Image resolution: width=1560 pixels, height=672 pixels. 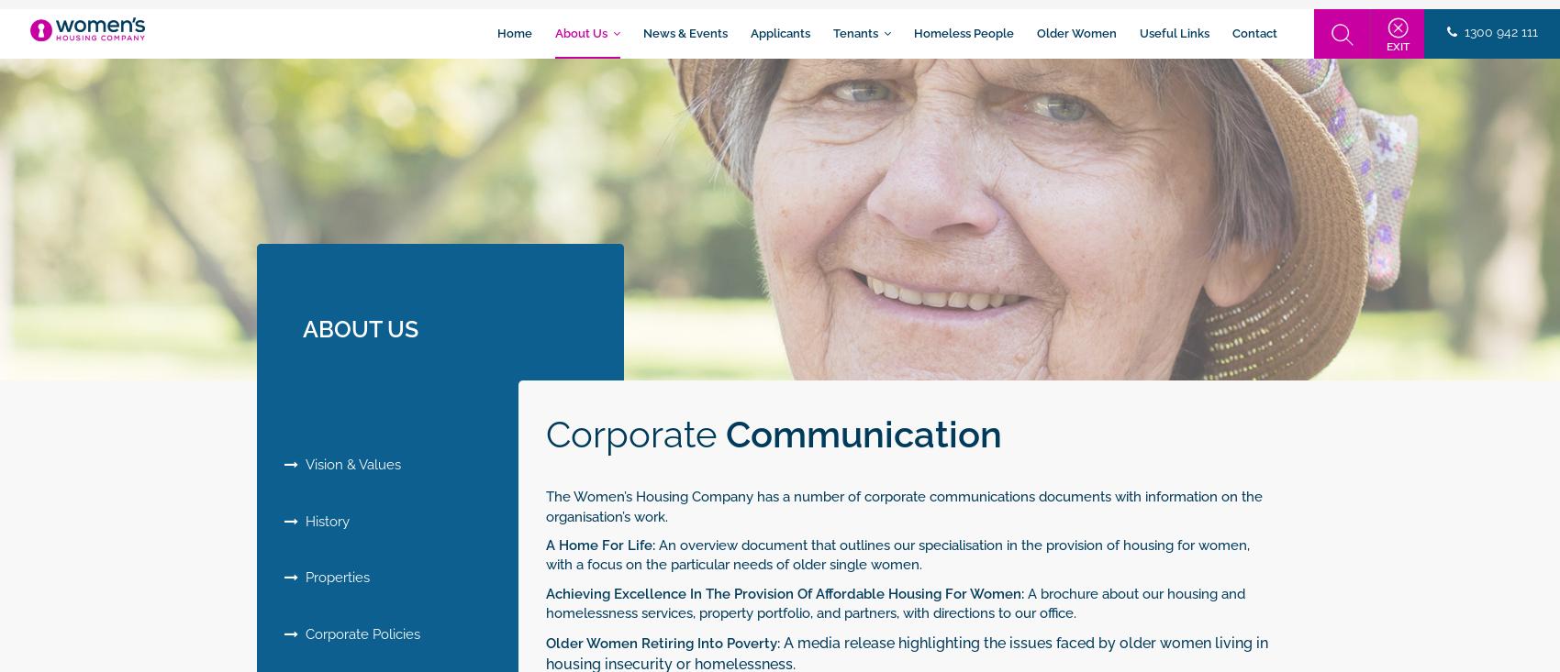 What do you see at coordinates (348, 464) in the screenshot?
I see `'Vision & Values'` at bounding box center [348, 464].